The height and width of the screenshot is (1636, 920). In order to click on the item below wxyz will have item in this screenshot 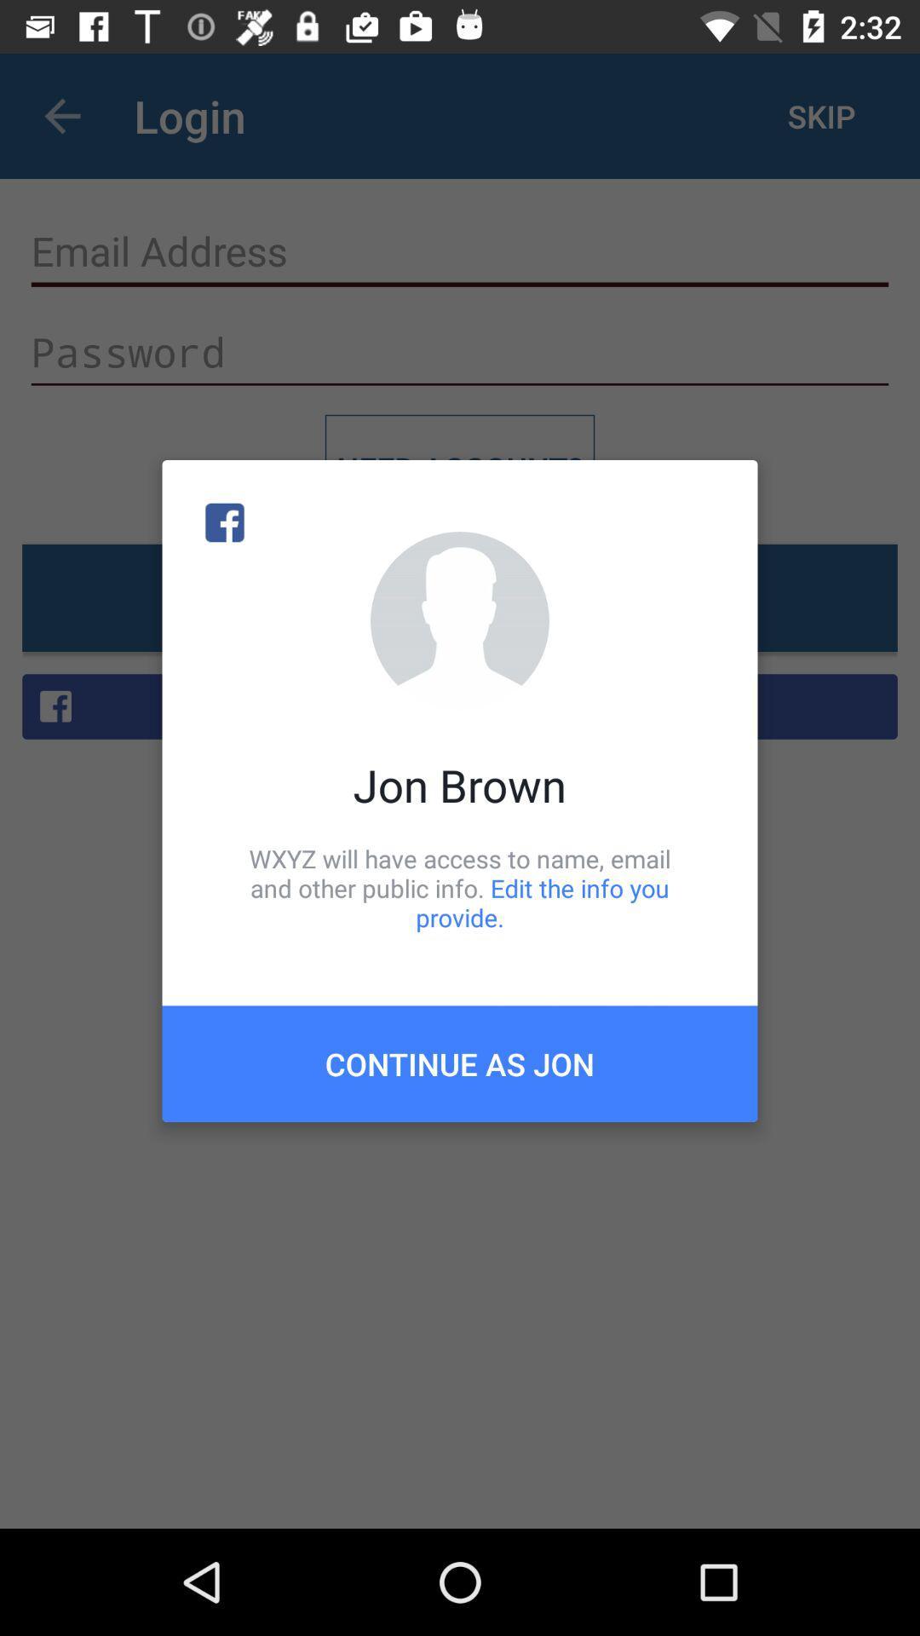, I will do `click(460, 1063)`.